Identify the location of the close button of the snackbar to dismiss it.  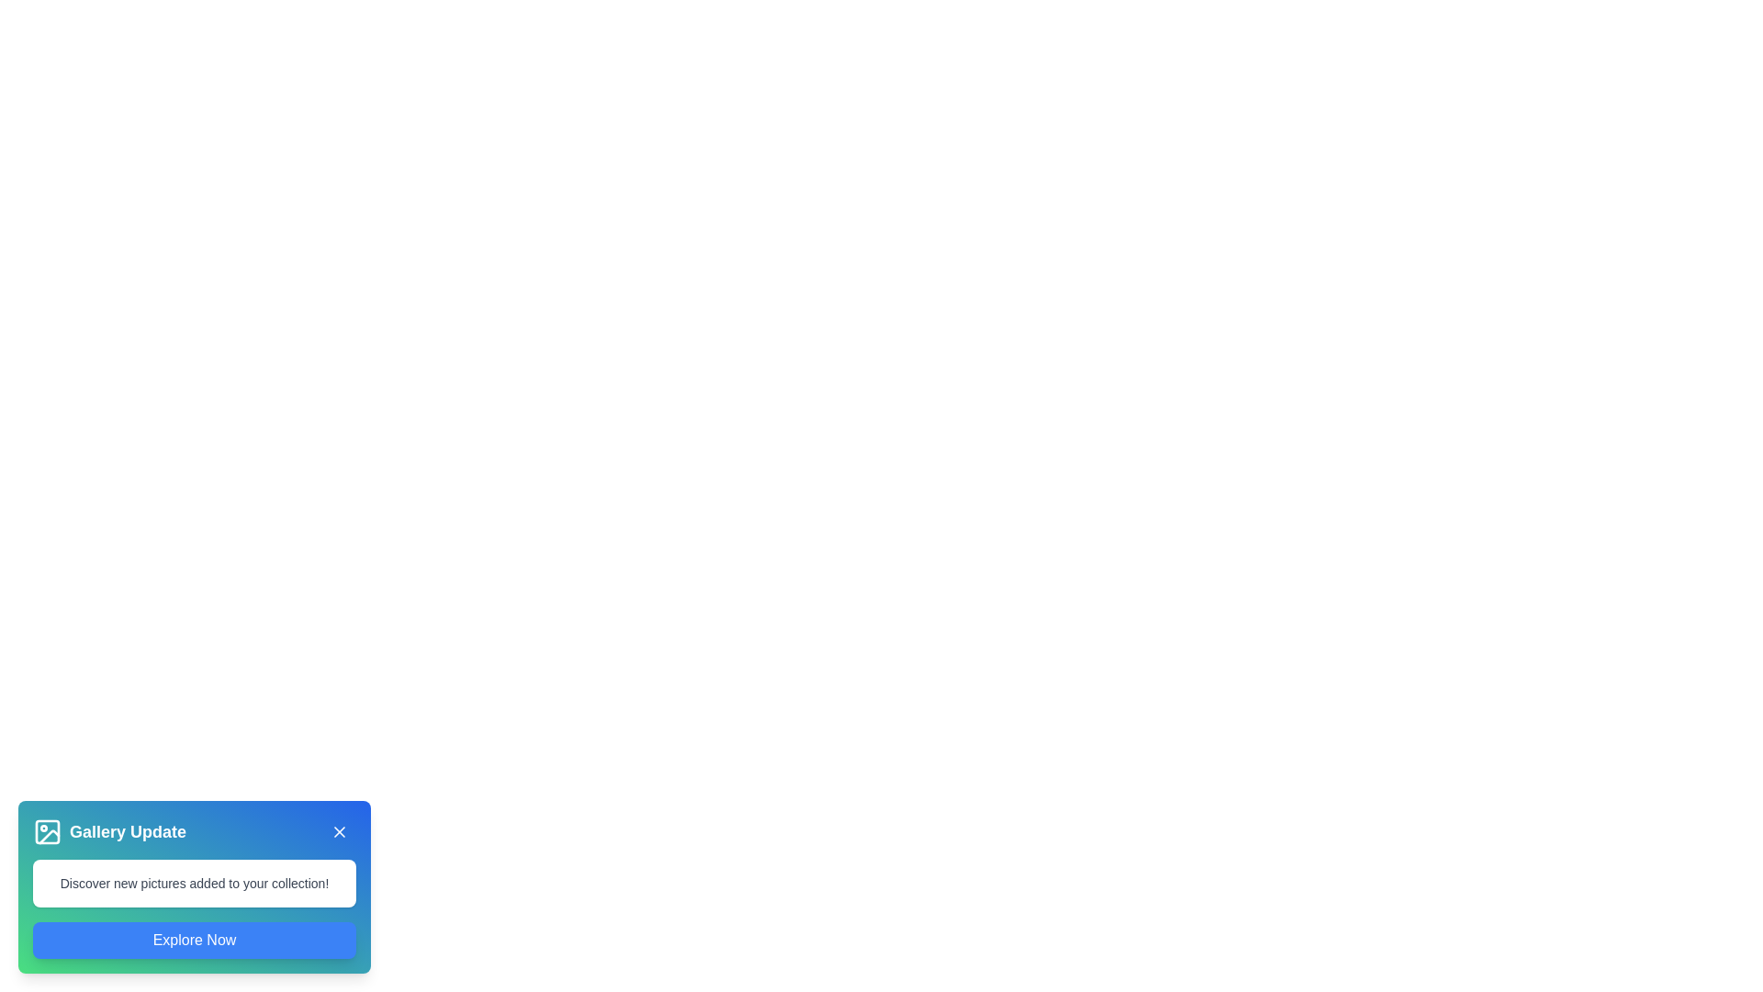
(339, 832).